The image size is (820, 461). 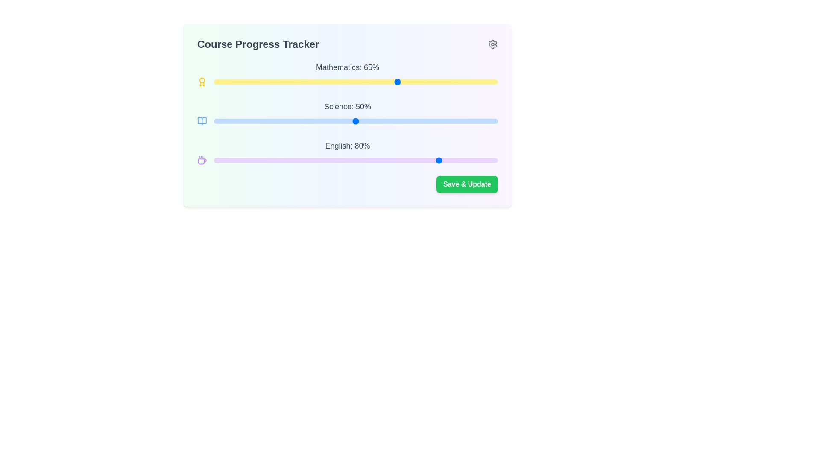 What do you see at coordinates (348, 146) in the screenshot?
I see `the text label indicating 'English' and its completion percentage of '80%', which is the third text label in a series located above its corresponding progress bar` at bounding box center [348, 146].